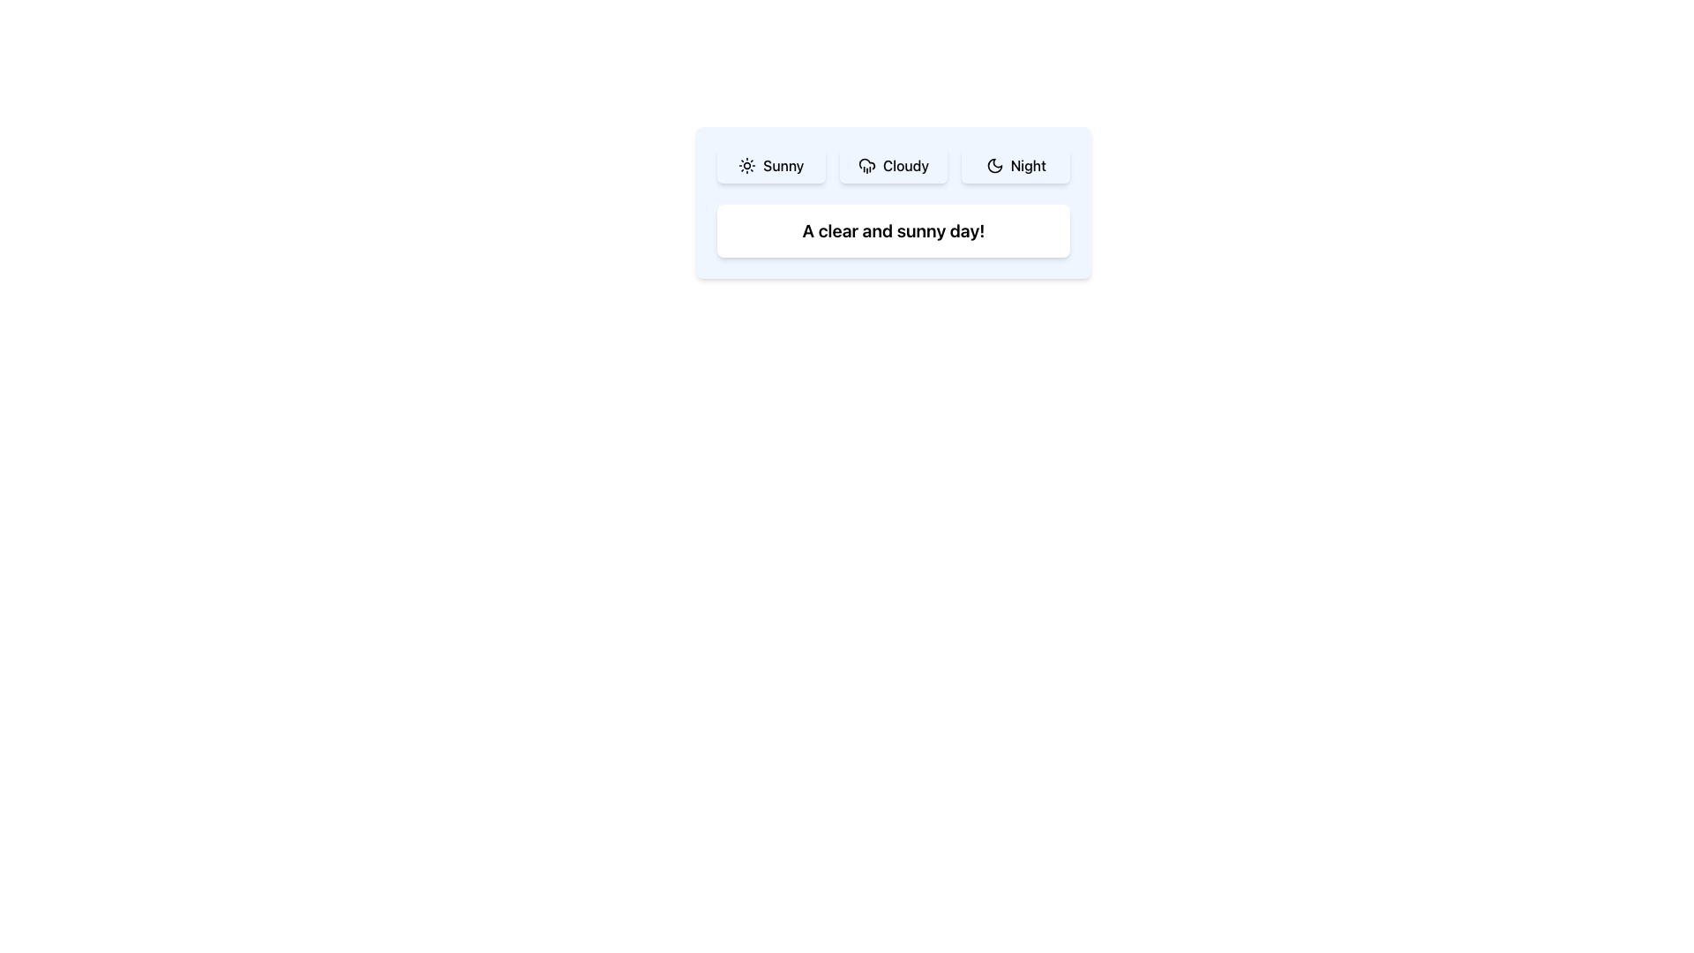 Image resolution: width=1694 pixels, height=953 pixels. What do you see at coordinates (893, 166) in the screenshot?
I see `the first option of the horizontal selection group representing weather conditions` at bounding box center [893, 166].